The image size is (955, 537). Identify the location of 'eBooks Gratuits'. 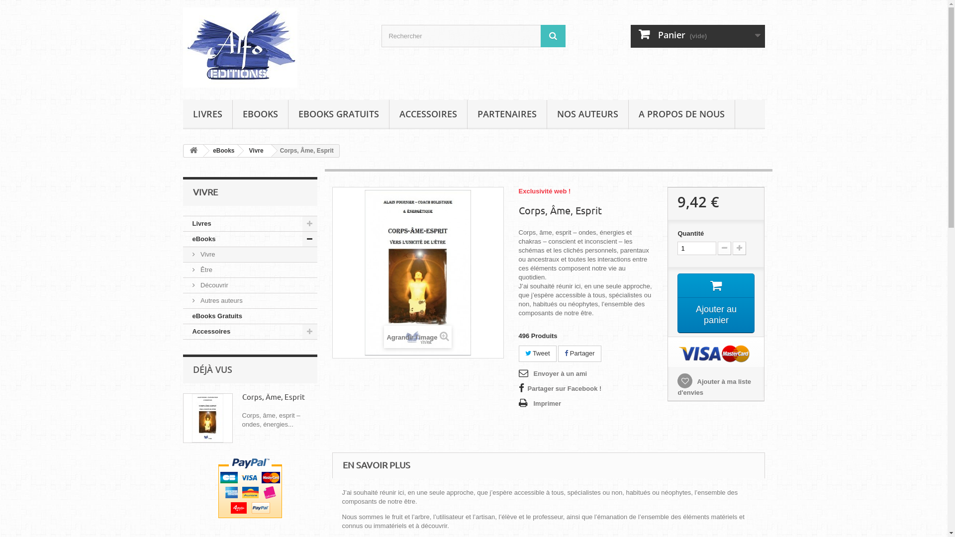
(250, 316).